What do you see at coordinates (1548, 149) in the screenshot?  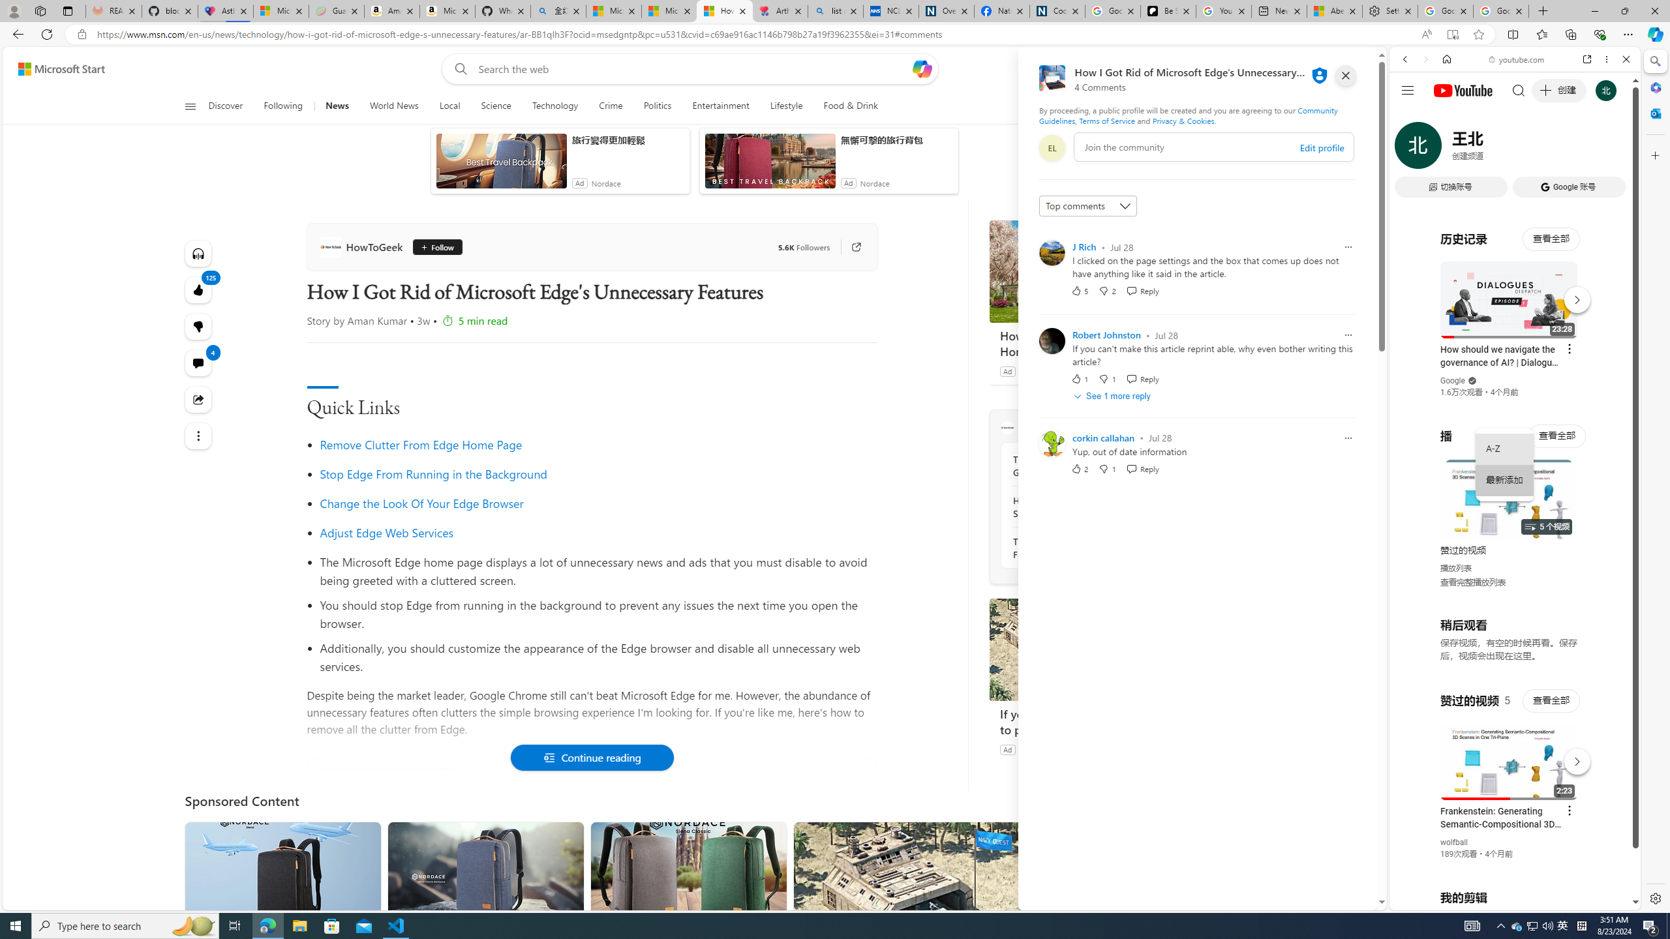 I see `'SEARCH TOOLS'` at bounding box center [1548, 149].